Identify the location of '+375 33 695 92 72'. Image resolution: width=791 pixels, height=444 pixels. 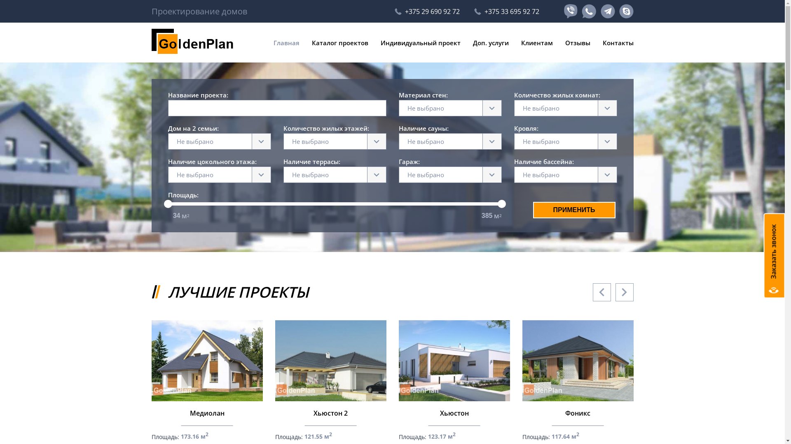
(505, 11).